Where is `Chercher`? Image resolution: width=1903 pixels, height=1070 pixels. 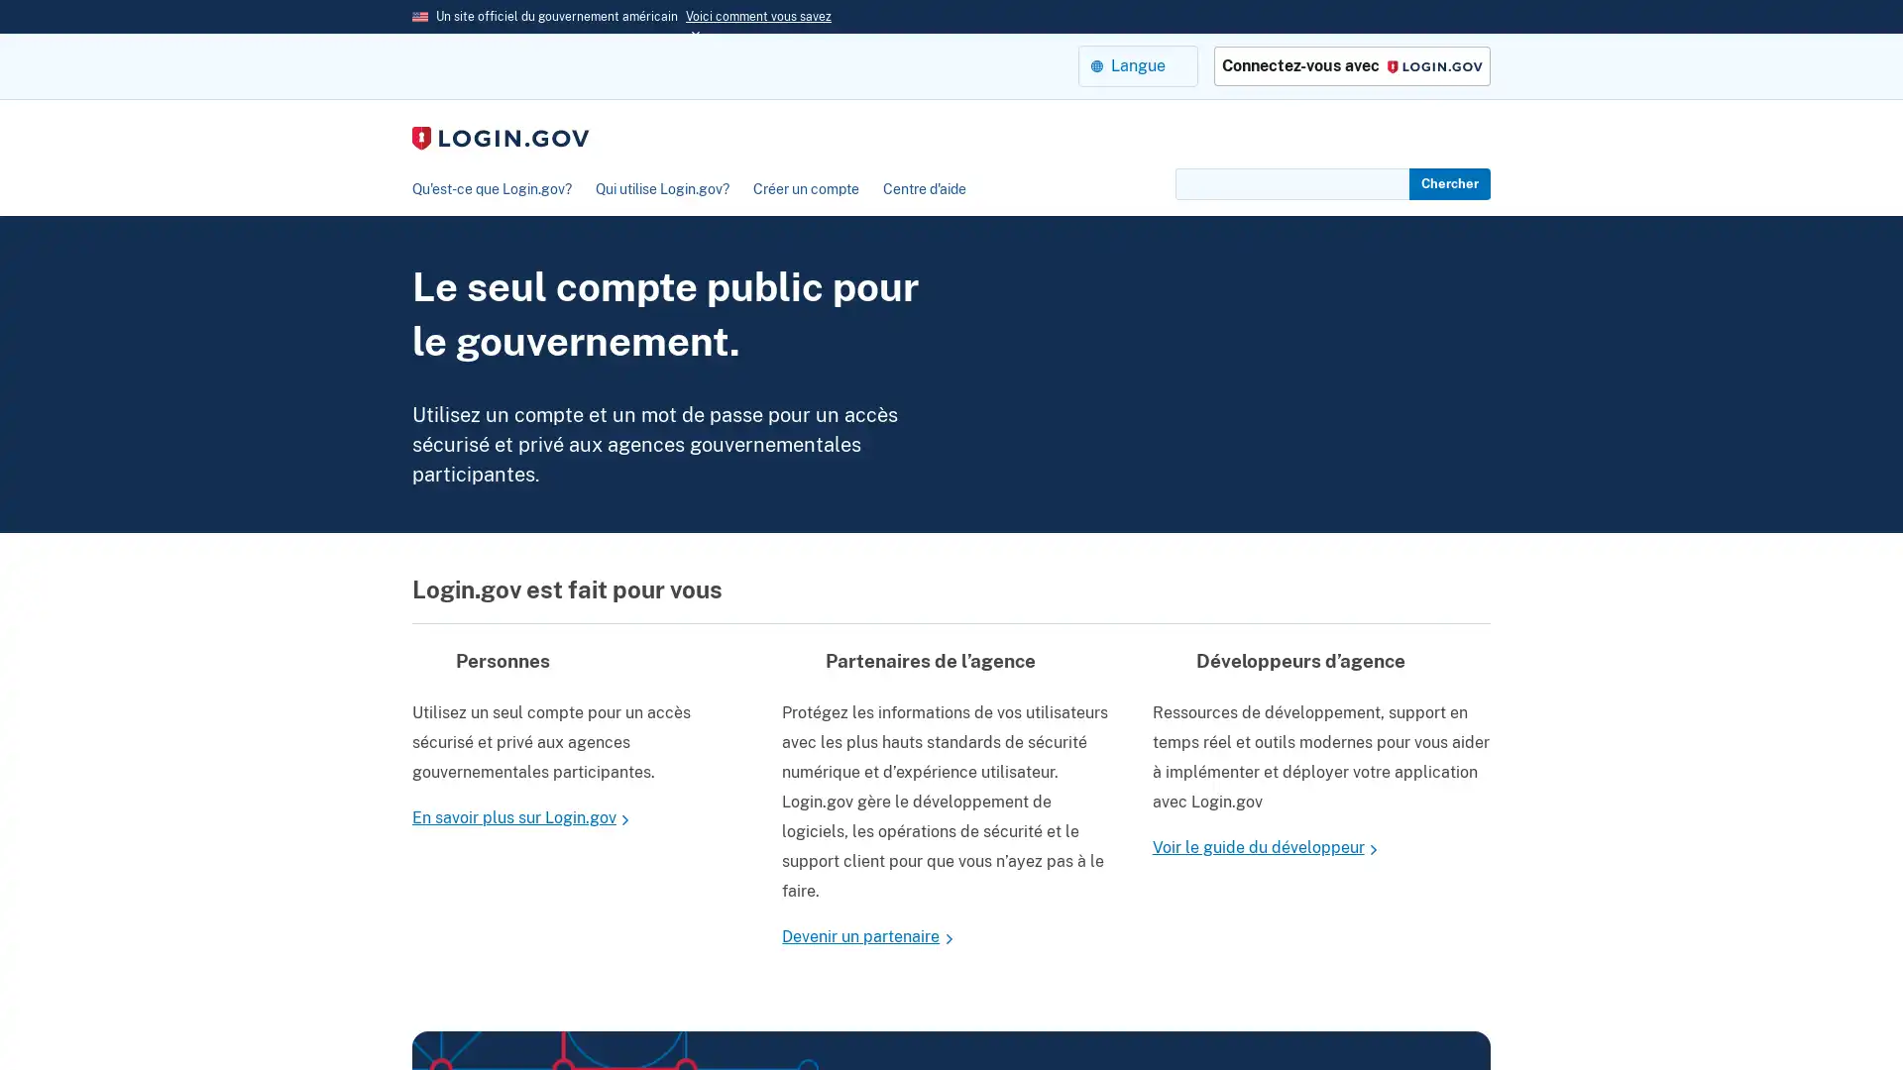
Chercher is located at coordinates (1450, 183).